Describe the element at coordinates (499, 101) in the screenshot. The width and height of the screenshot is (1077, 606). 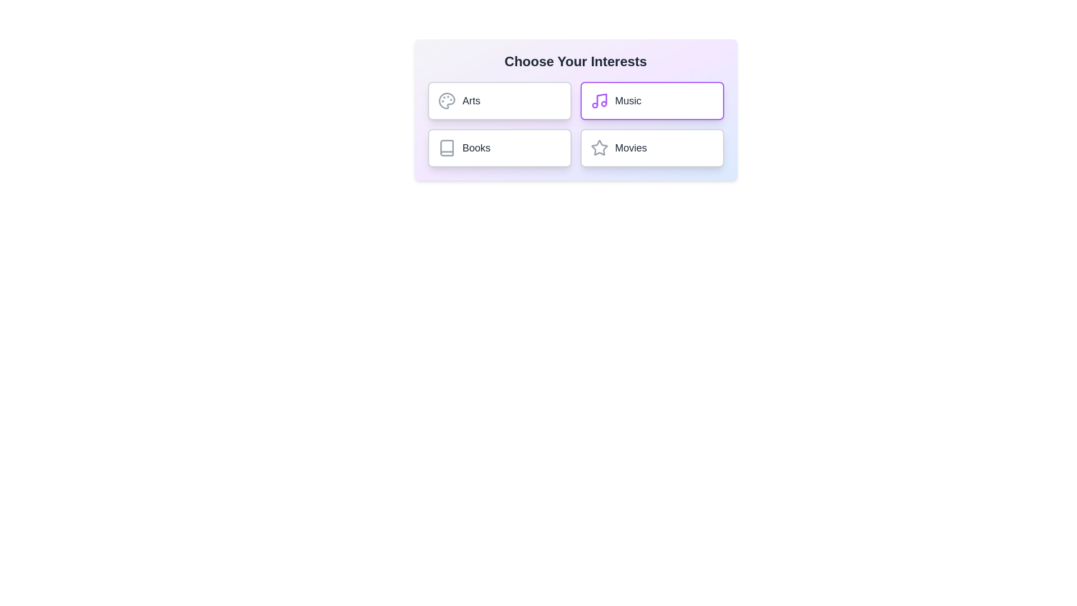
I see `the chip labeled Arts to observe its hover effect` at that location.